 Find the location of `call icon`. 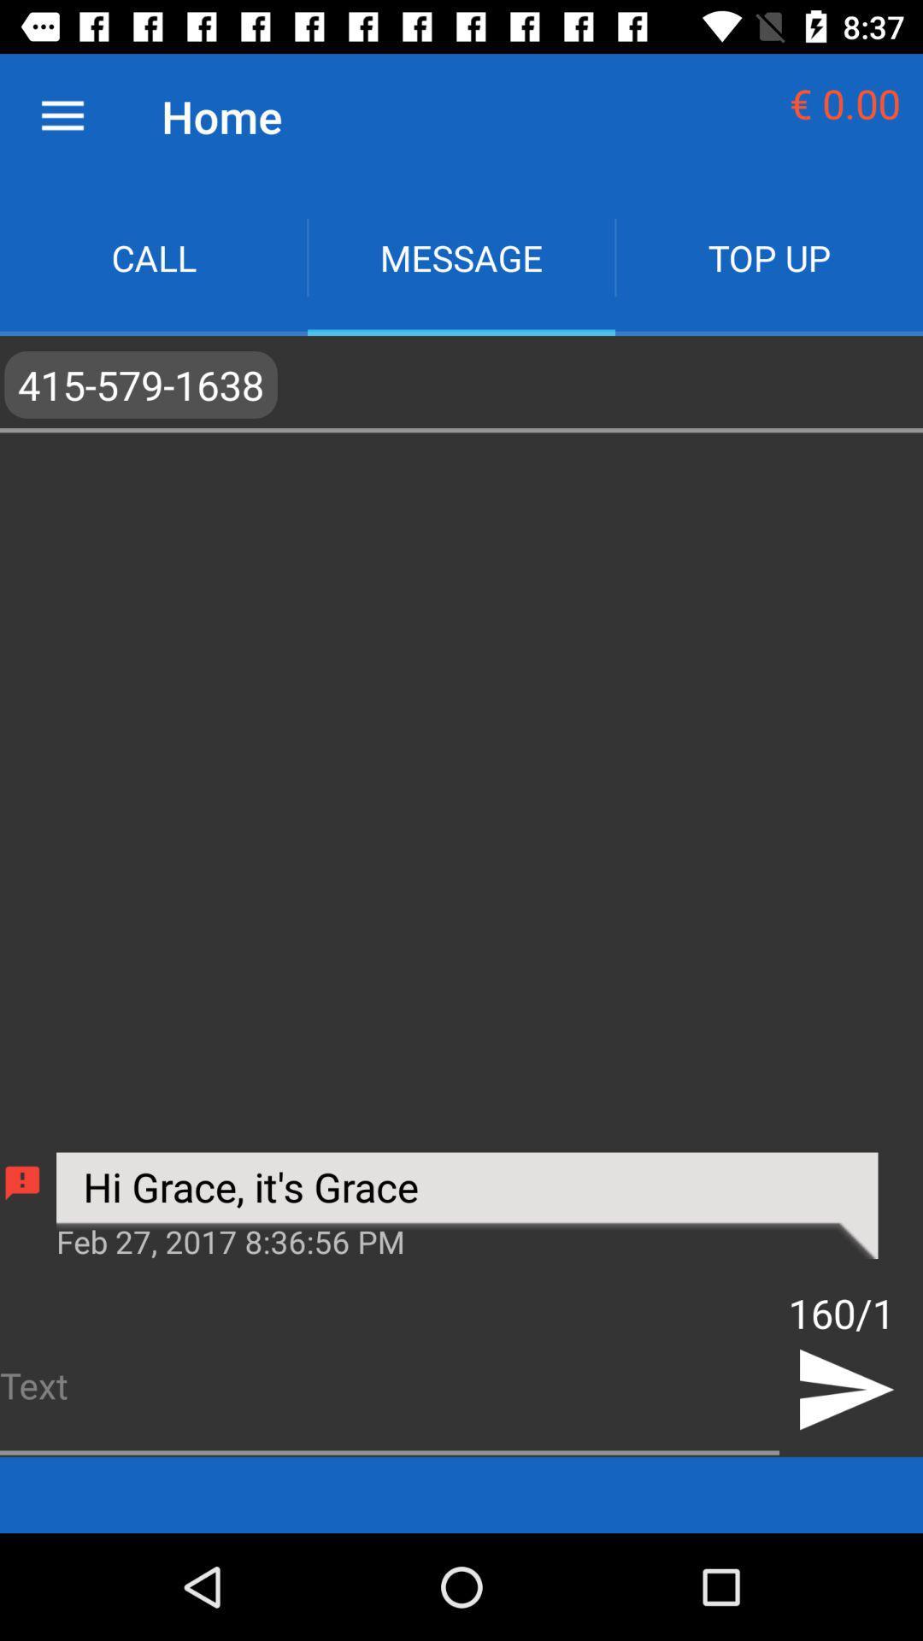

call icon is located at coordinates (154, 256).